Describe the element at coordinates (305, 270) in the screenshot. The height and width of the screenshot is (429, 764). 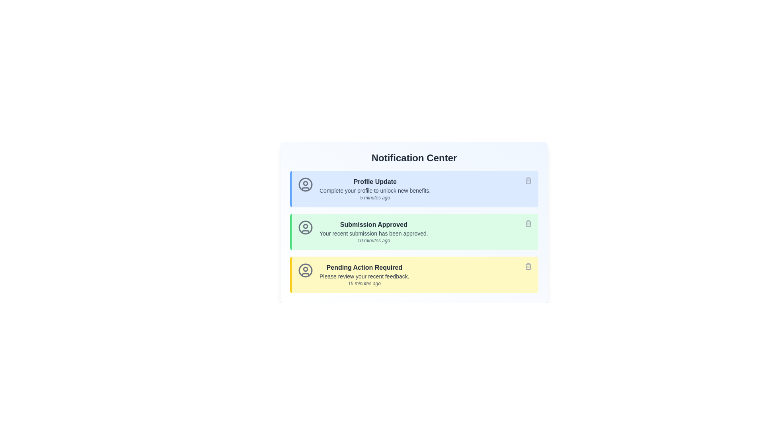
I see `the circular gray profile icon representing a user, located in the 'Pending Action Required' notification strip` at that location.